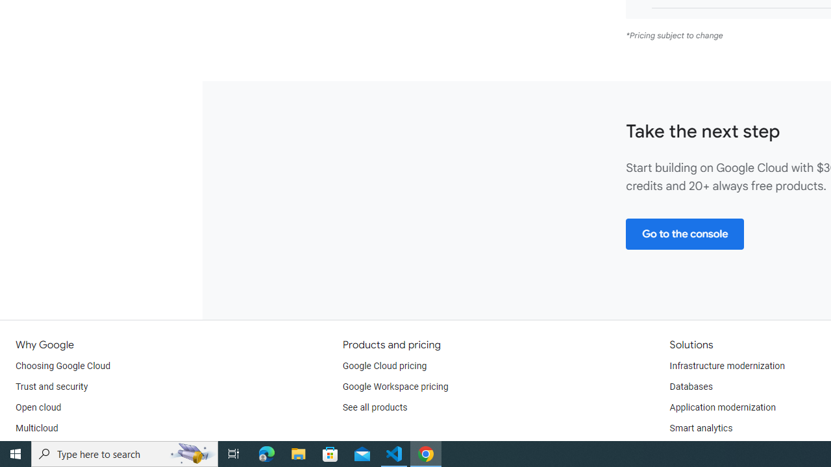  I want to click on 'Global infrastructure', so click(56, 448).